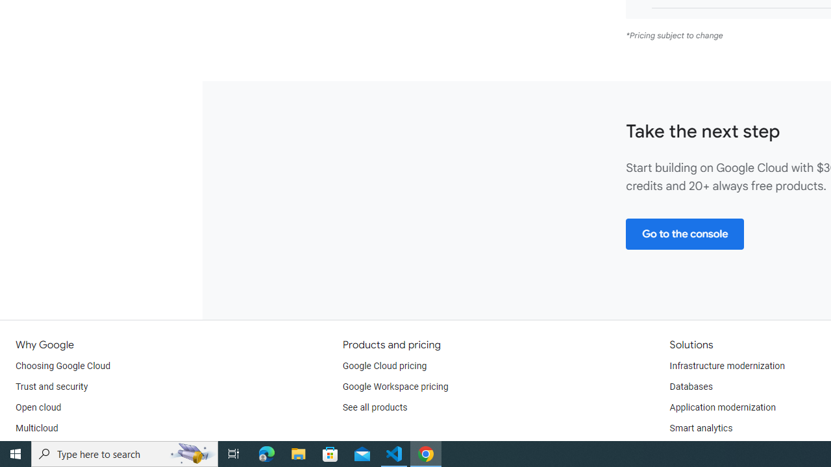  I want to click on 'Global infrastructure', so click(56, 448).